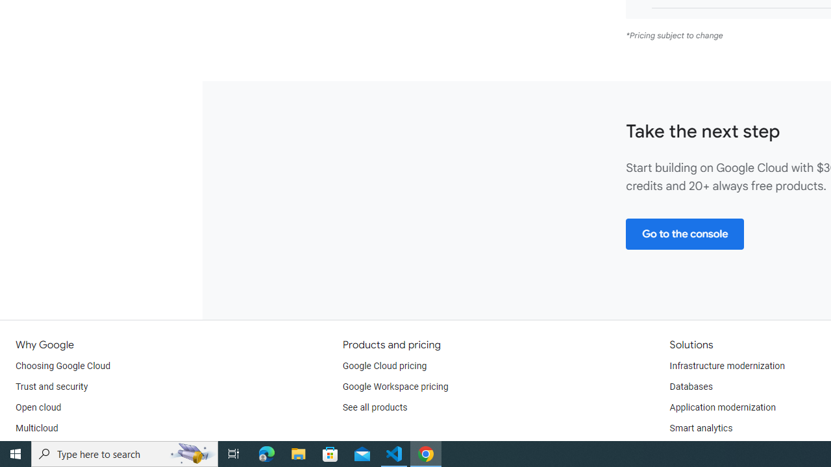  I want to click on 'Global infrastructure', so click(56, 448).